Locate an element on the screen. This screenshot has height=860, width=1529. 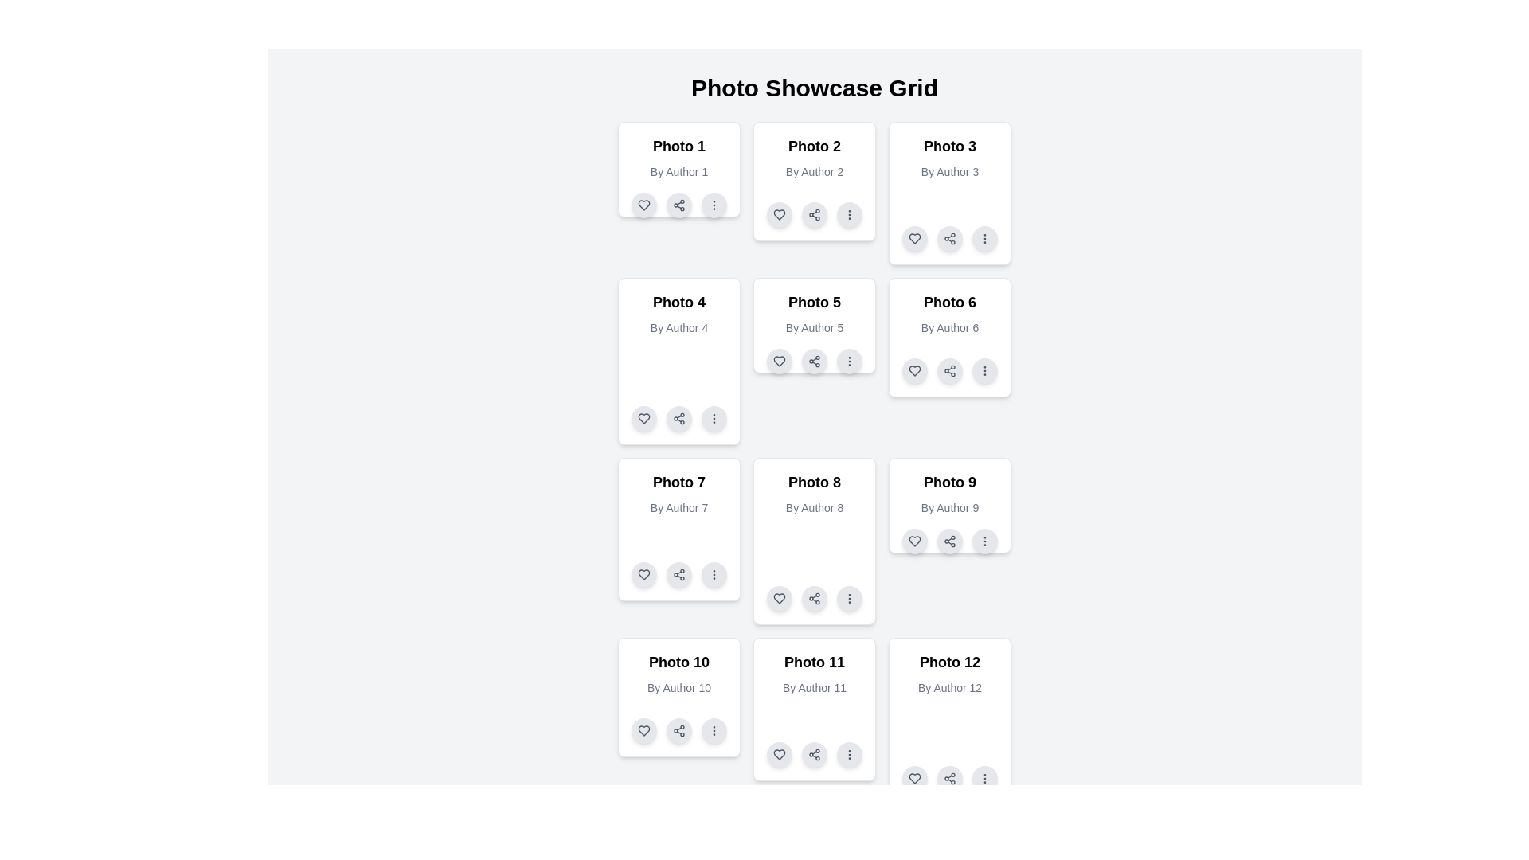
the heart icon, which is the middle icon located at the bottom of the 'Photo 5' card is located at coordinates (780, 362).